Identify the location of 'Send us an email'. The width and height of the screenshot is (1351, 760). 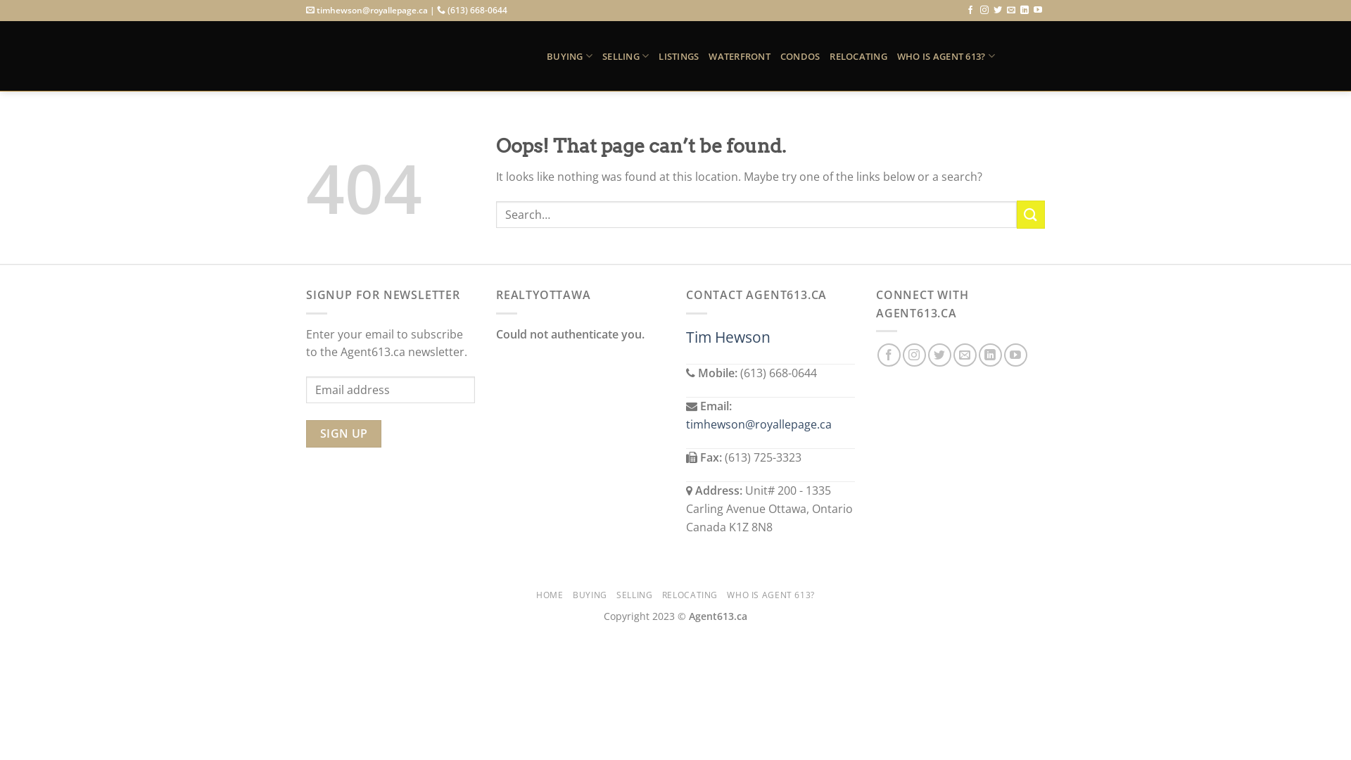
(1010, 11).